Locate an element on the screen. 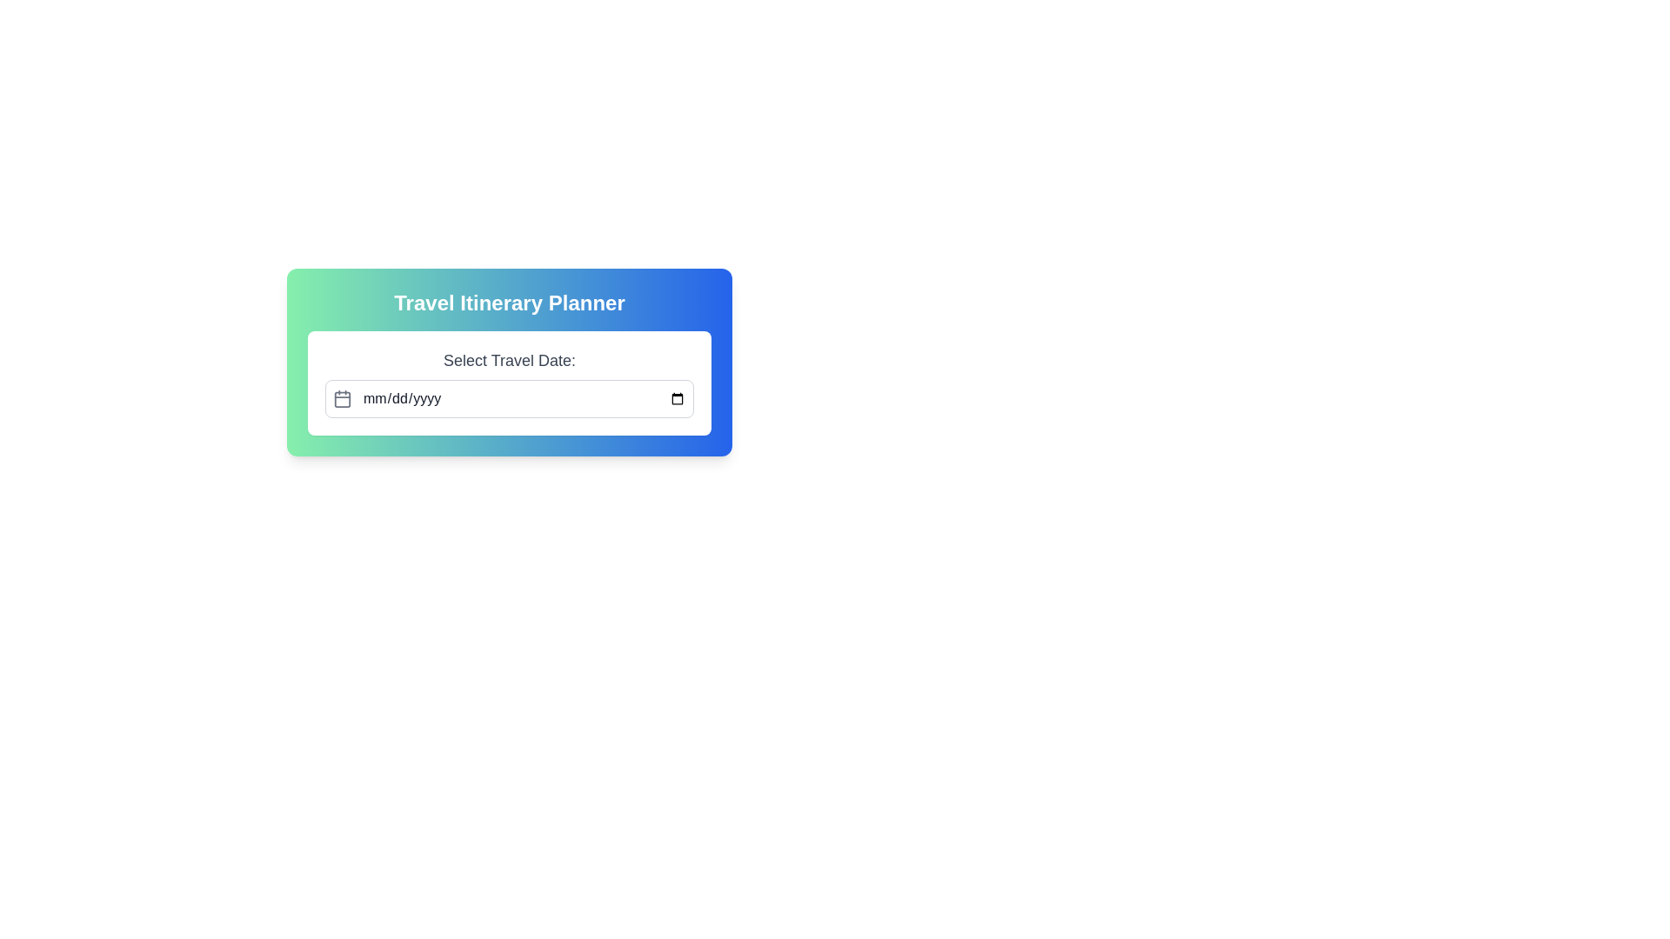 The height and width of the screenshot is (939, 1670). the small gray calendar icon located to the left of the 'mm/dd/yyyy' date input field is located at coordinates (342, 399).